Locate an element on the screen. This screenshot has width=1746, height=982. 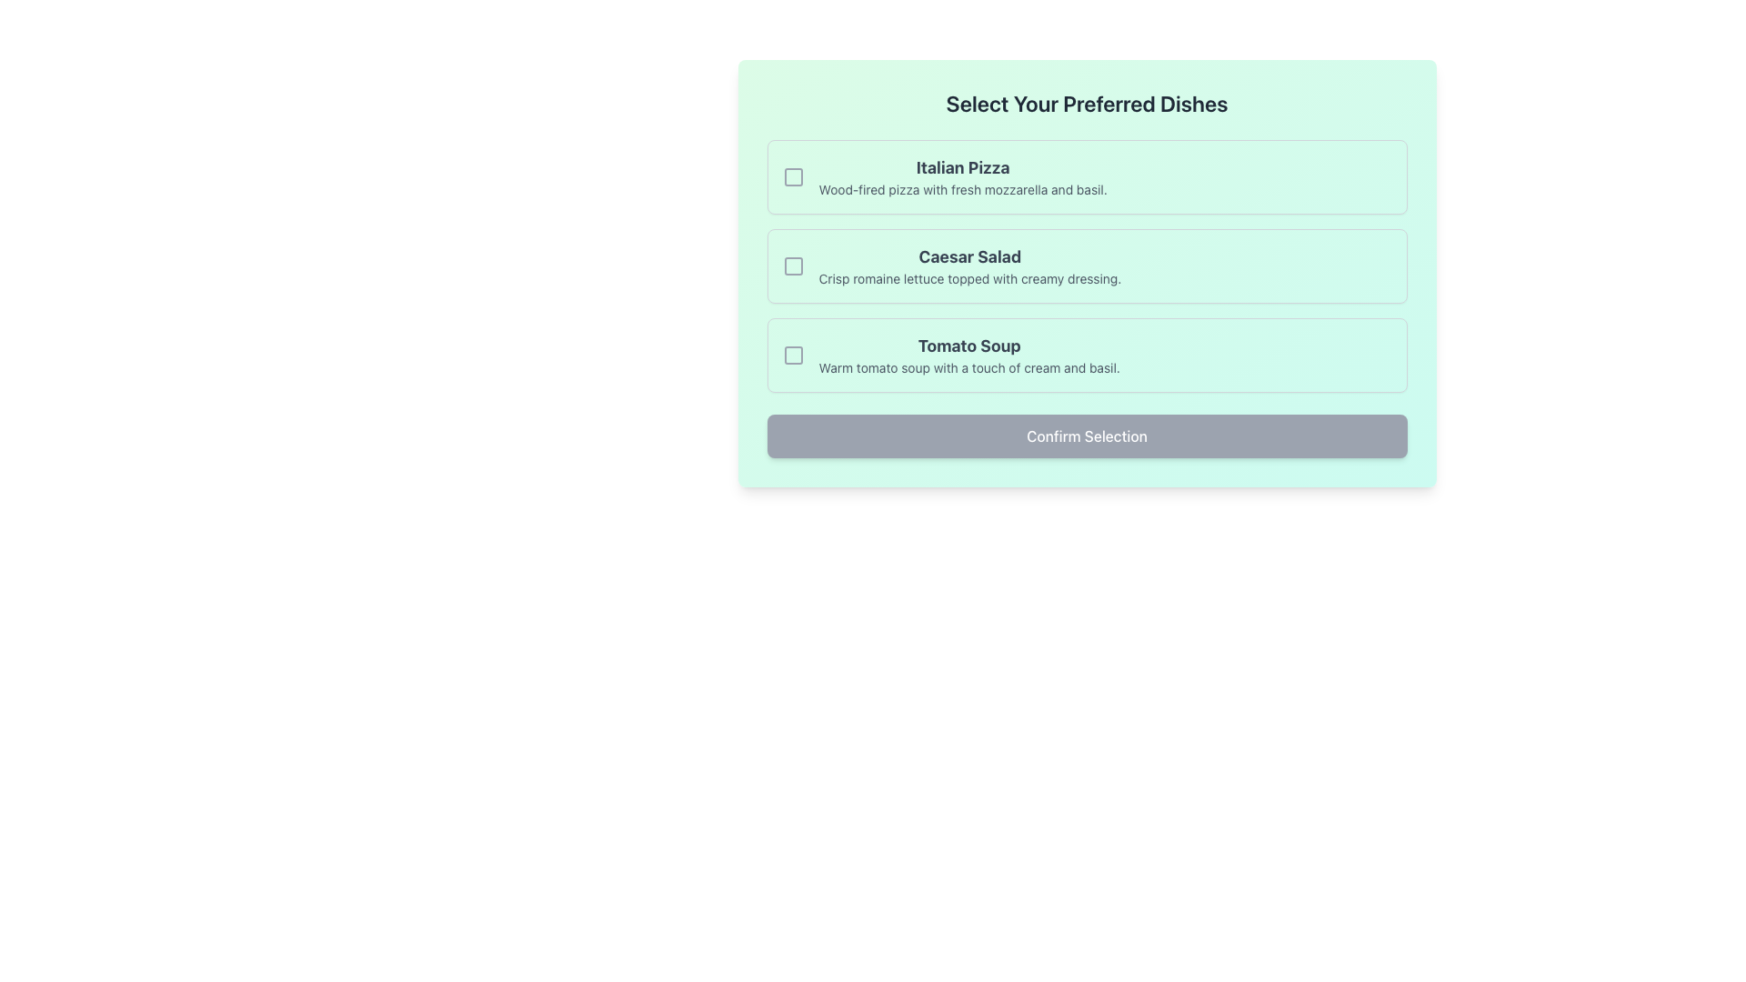
the text element describing the dish 'Italian Pizza', which is located directly beneath the bold heading 'Italian Pizza' and horizontally aligned with a checkbox to its left is located at coordinates (962, 189).